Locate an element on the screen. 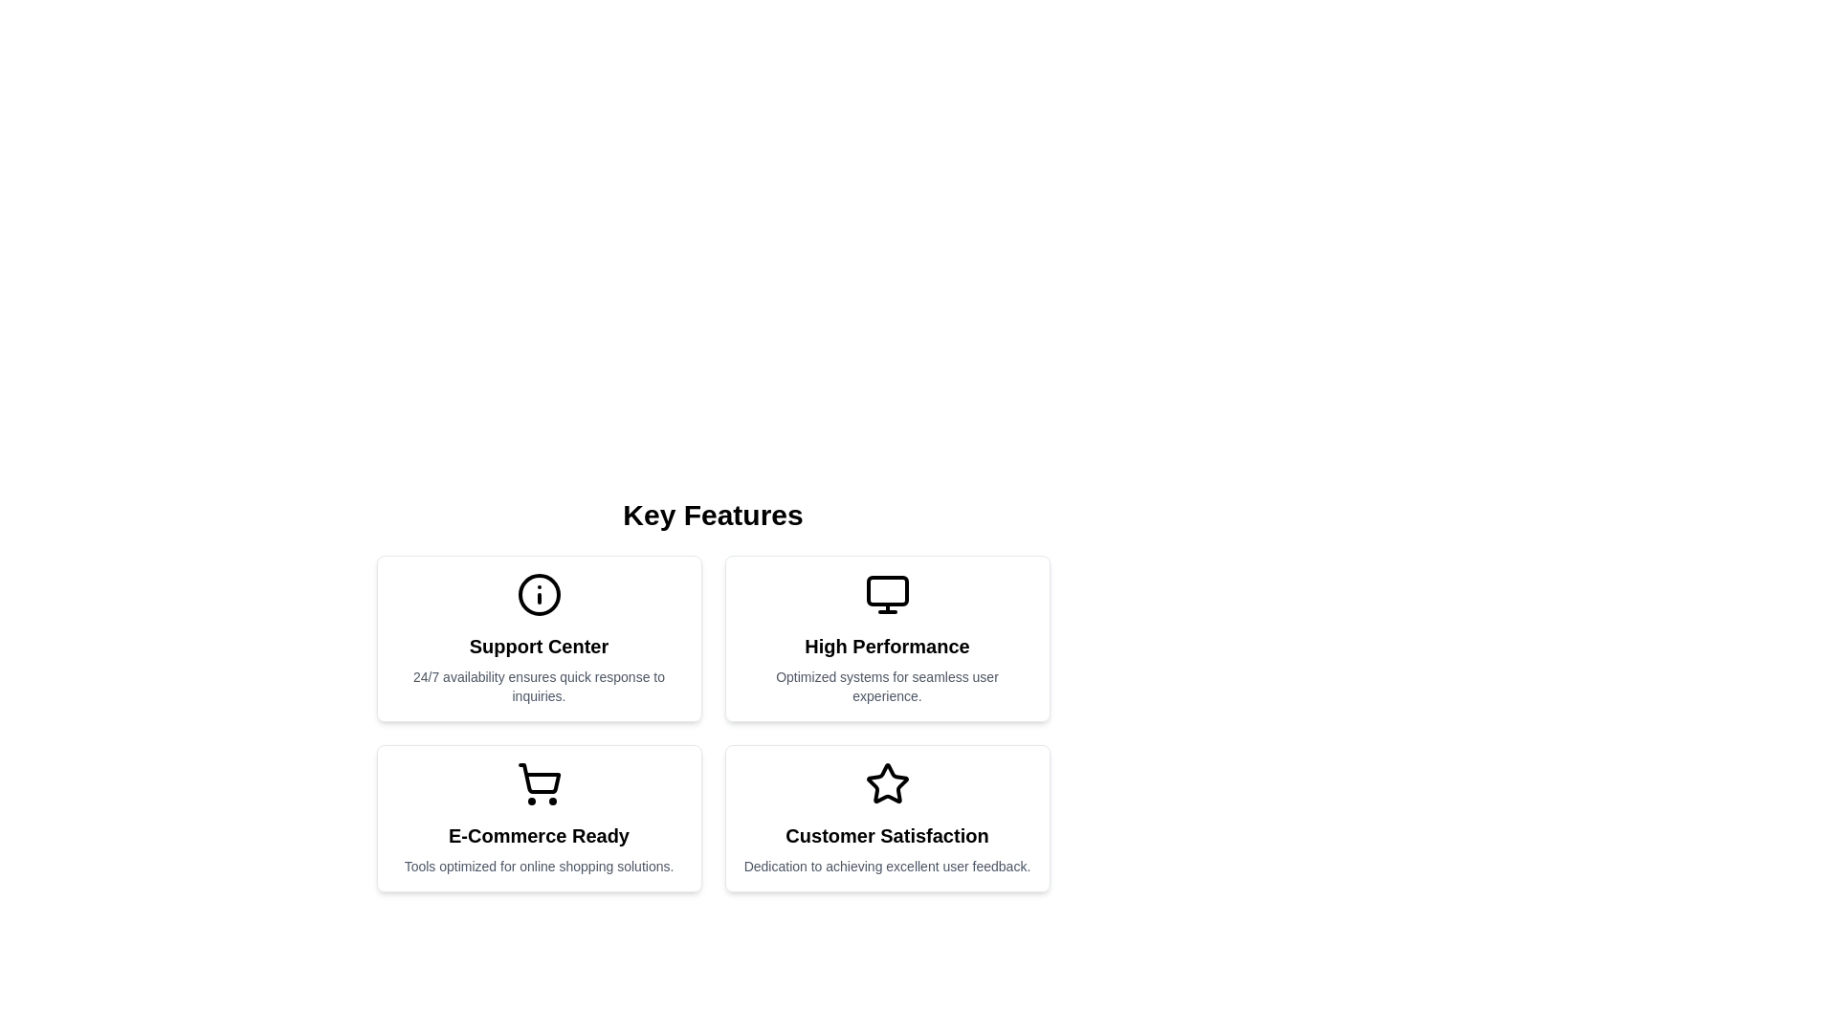  the prominently styled header displaying the text 'Key Features', which is visually distinct and centered at the top of the section is located at coordinates (712, 515).